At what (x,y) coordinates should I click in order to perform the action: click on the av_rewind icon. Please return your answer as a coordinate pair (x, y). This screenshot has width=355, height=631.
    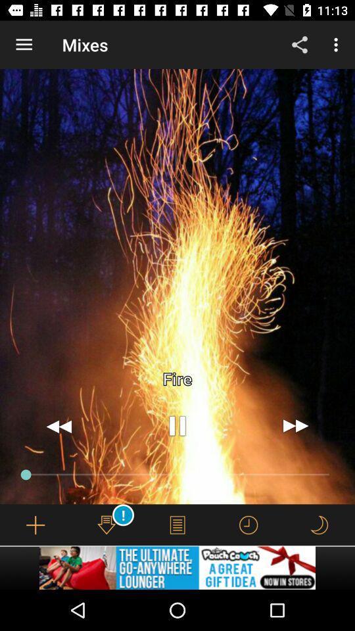
    Looking at the image, I should click on (59, 425).